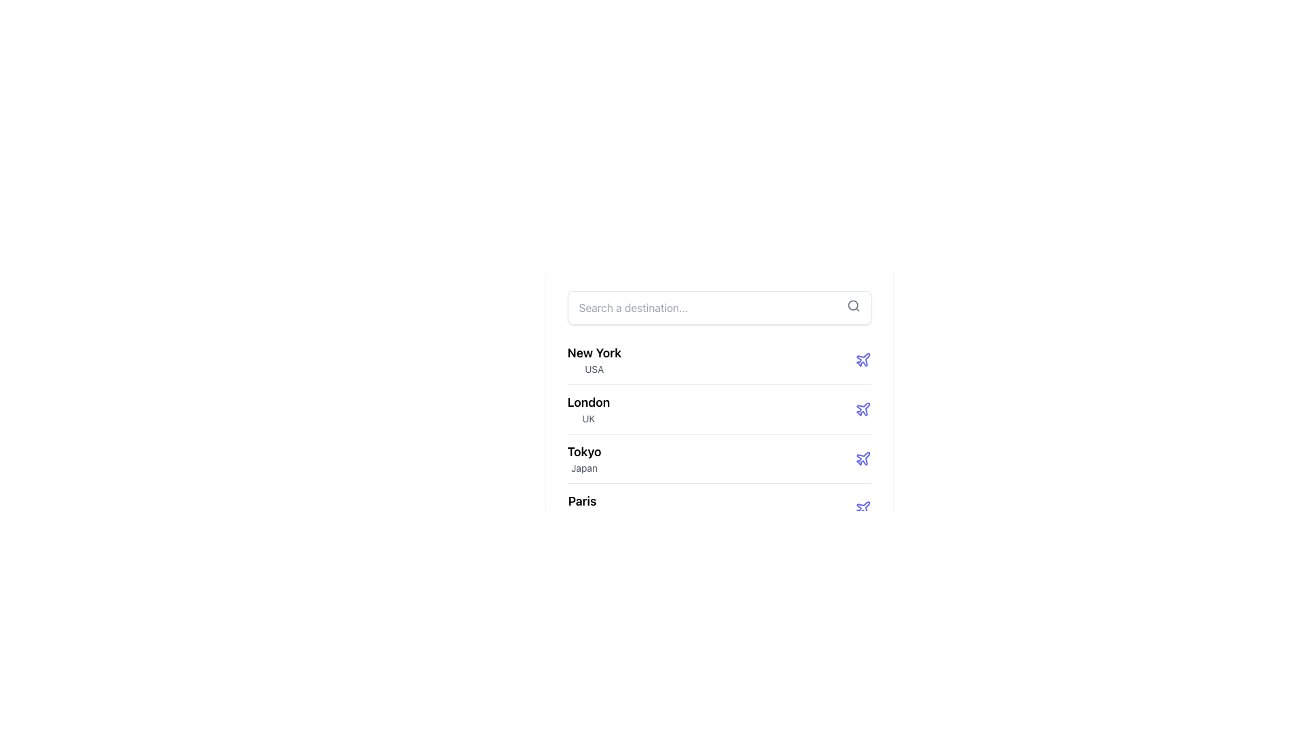  What do you see at coordinates (588, 418) in the screenshot?
I see `descriptive text label located underneath the 'London' text label, which specifies the country associated with the location name` at bounding box center [588, 418].